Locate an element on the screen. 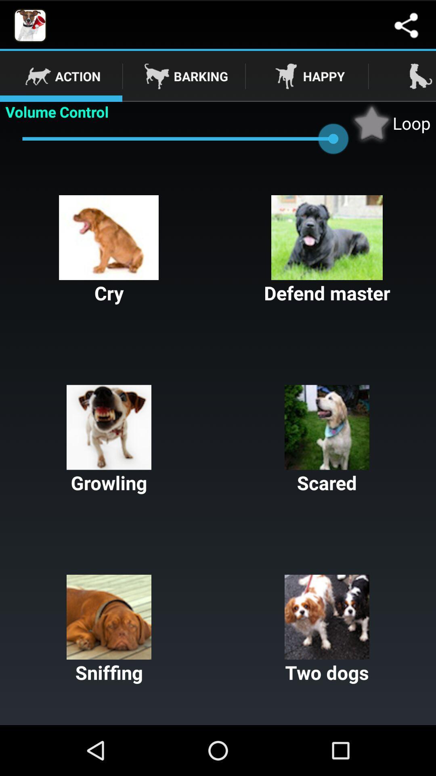  the icon above the growling button is located at coordinates (327, 250).